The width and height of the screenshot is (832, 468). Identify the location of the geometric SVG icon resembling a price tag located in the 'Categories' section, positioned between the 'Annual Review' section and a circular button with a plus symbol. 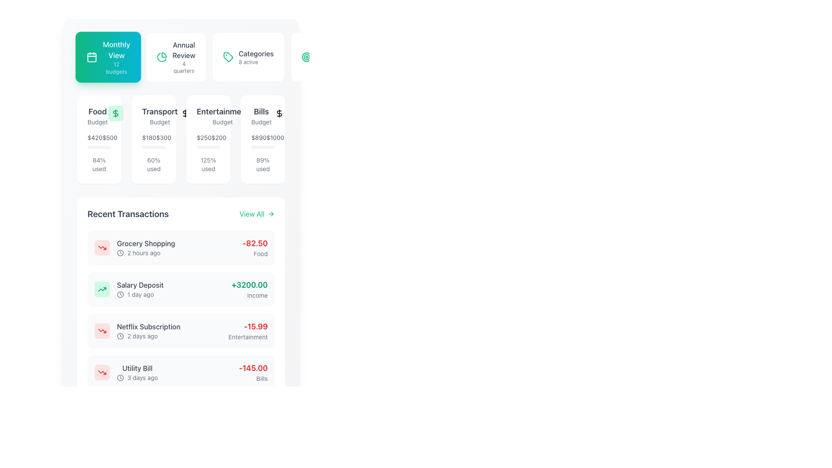
(228, 57).